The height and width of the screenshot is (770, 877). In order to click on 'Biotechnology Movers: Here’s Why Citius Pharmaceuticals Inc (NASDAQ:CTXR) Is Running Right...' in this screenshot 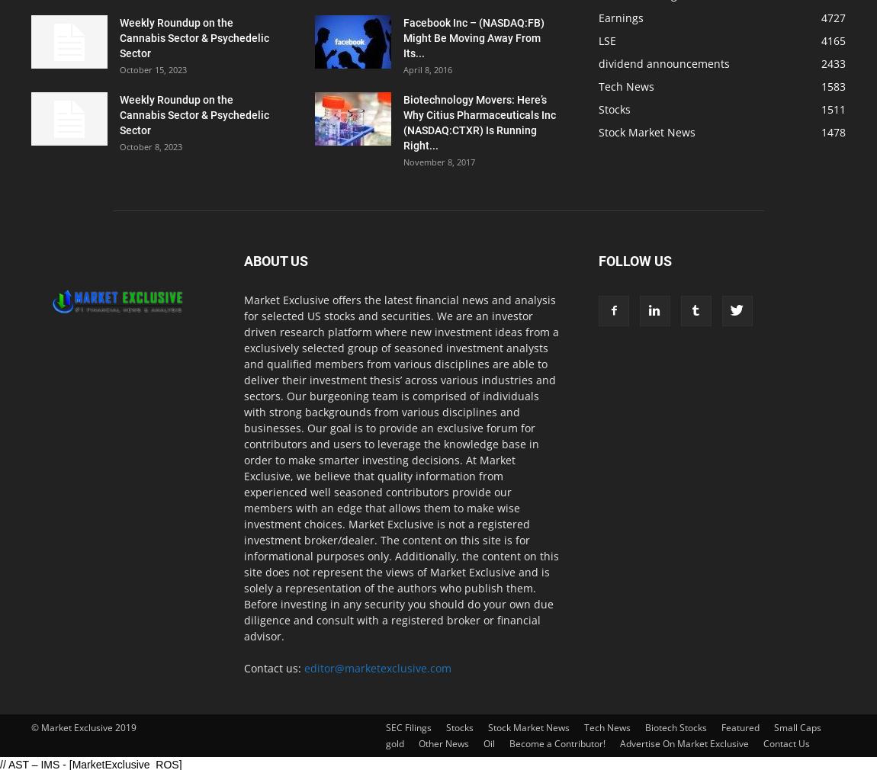, I will do `click(479, 121)`.